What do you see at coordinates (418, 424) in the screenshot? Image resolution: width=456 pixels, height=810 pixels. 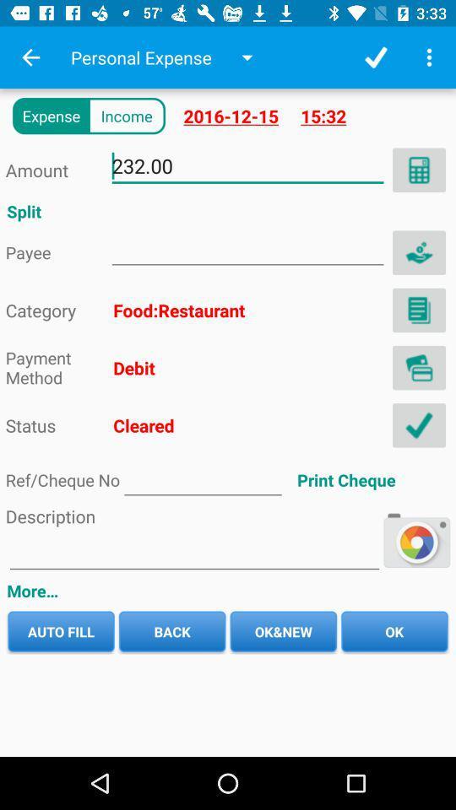 I see `clear option` at bounding box center [418, 424].